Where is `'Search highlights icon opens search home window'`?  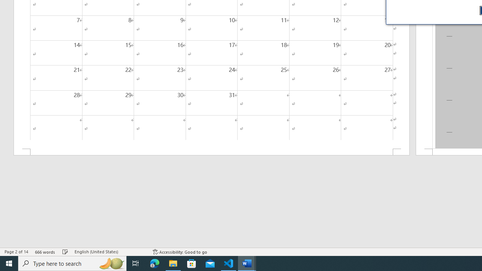
'Search highlights icon opens search home window' is located at coordinates (111, 263).